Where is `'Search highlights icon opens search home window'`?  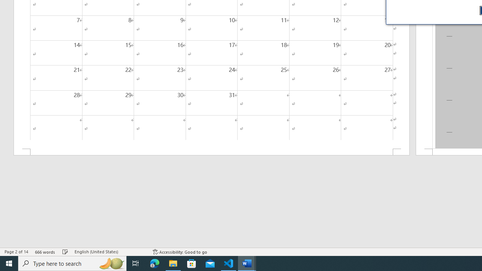
'Search highlights icon opens search home window' is located at coordinates (111, 263).